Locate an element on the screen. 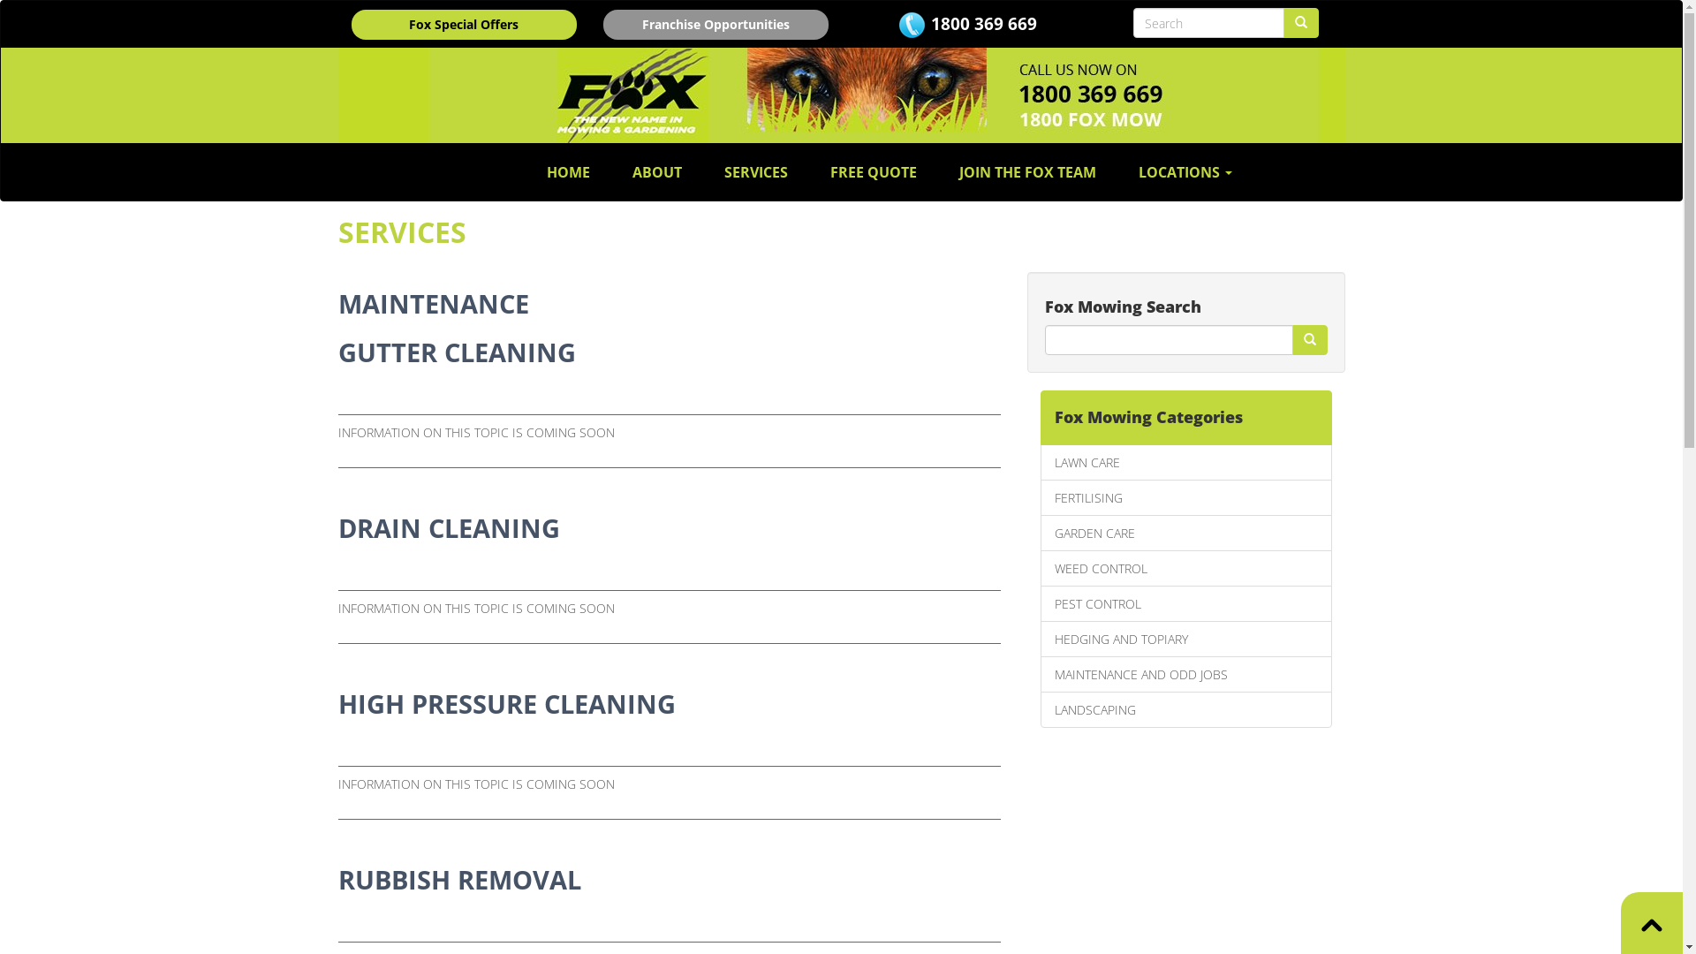 The width and height of the screenshot is (1696, 954). '  ' is located at coordinates (1309, 340).